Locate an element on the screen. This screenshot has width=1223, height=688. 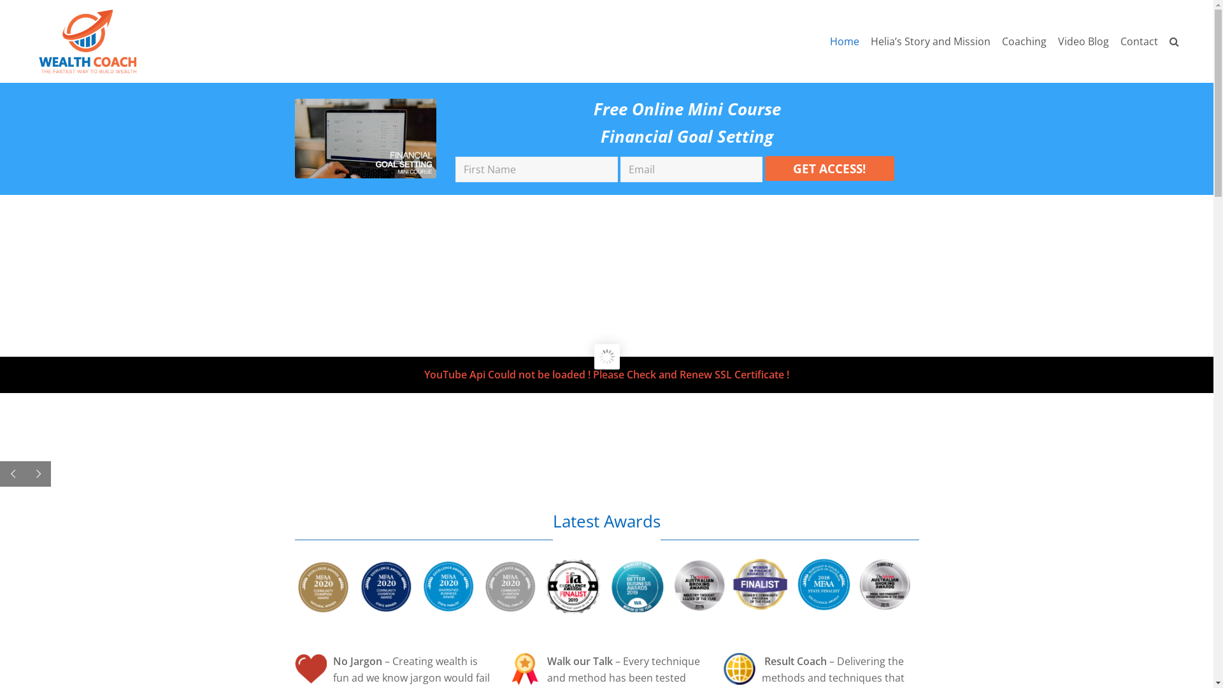
'GET ACCESS!' is located at coordinates (829, 168).